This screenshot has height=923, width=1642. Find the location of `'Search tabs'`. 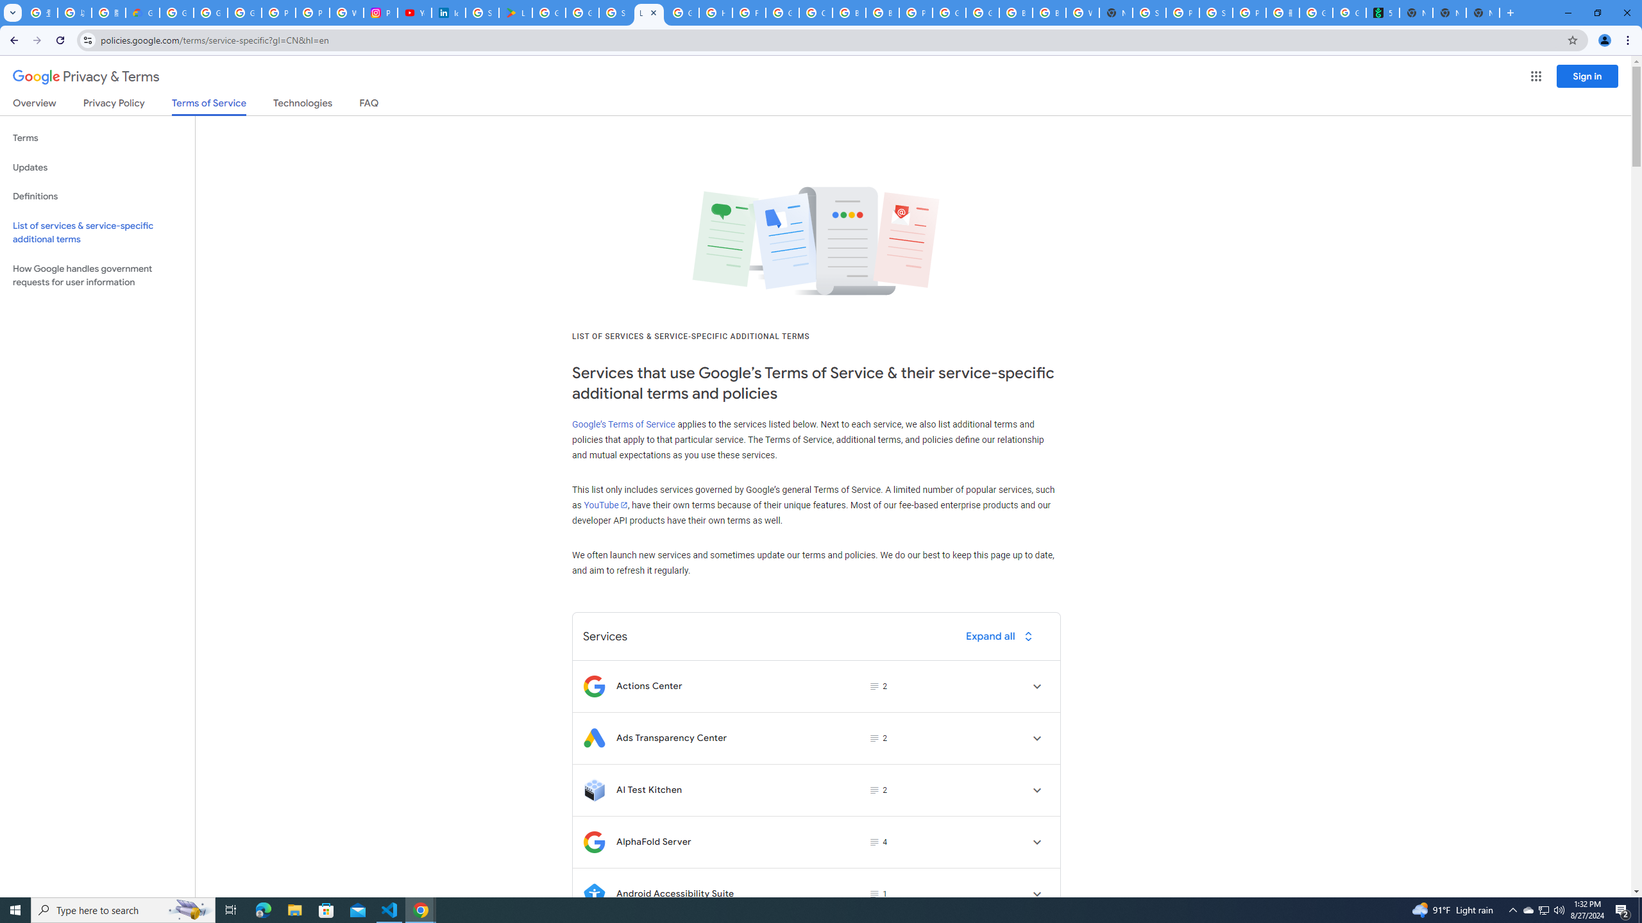

'Search tabs' is located at coordinates (12, 12).